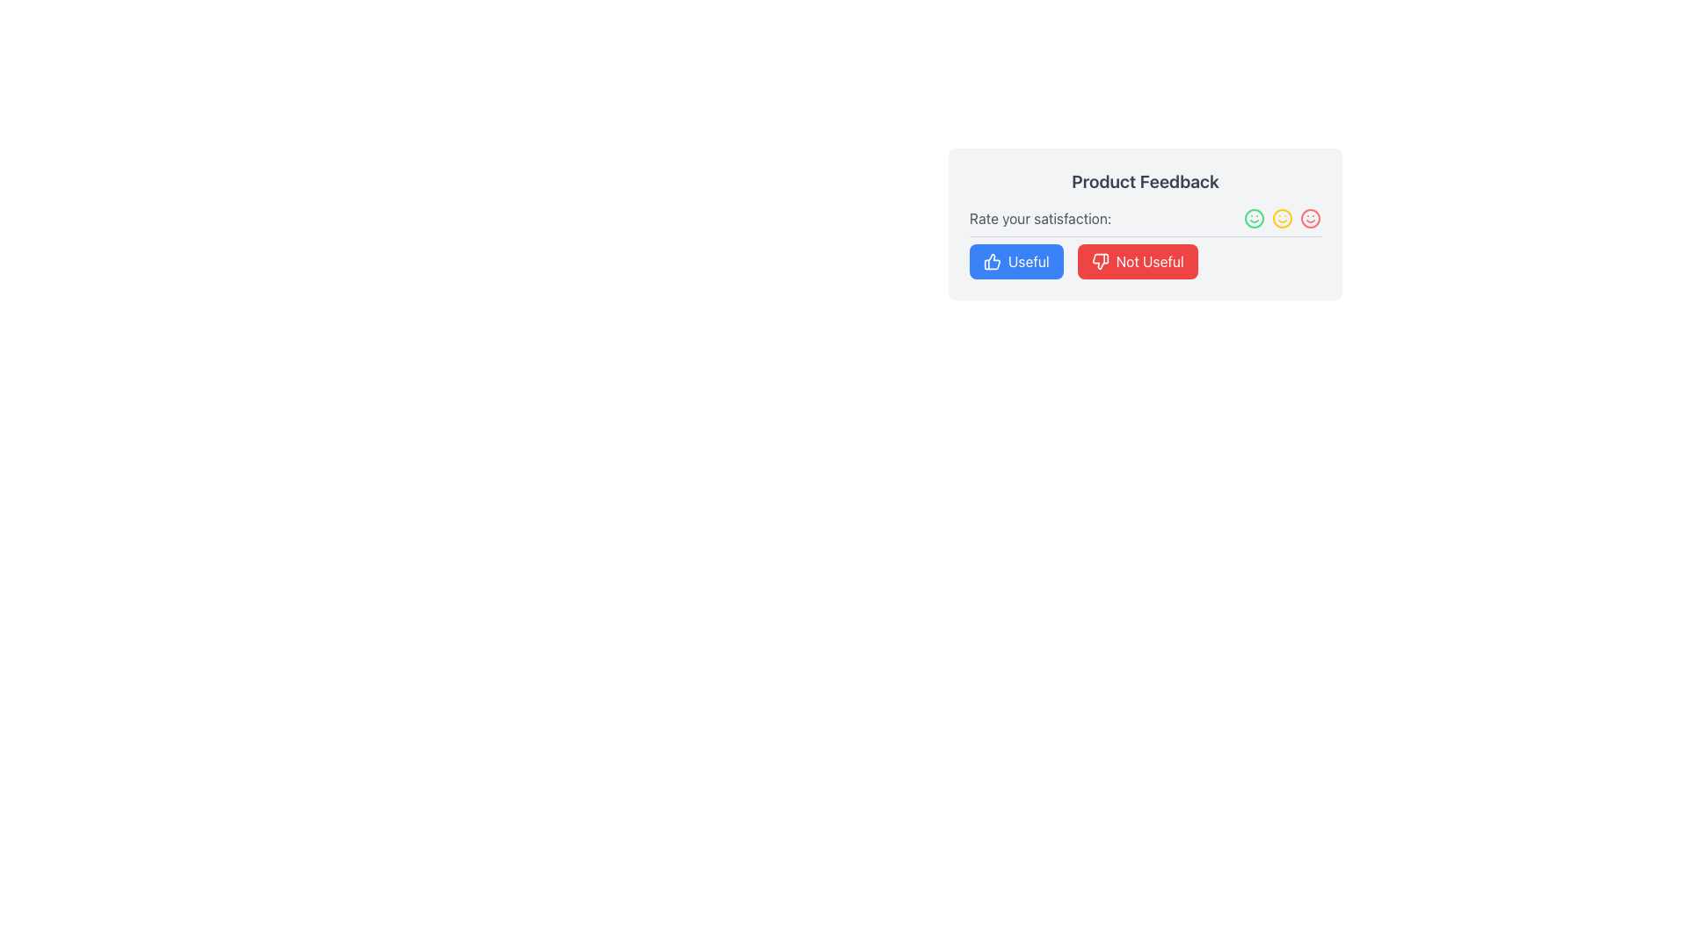 The height and width of the screenshot is (949, 1688). What do you see at coordinates (1145, 261) in the screenshot?
I see `the 'Not Useful' button in the user feedback section to indicate negative feedback` at bounding box center [1145, 261].